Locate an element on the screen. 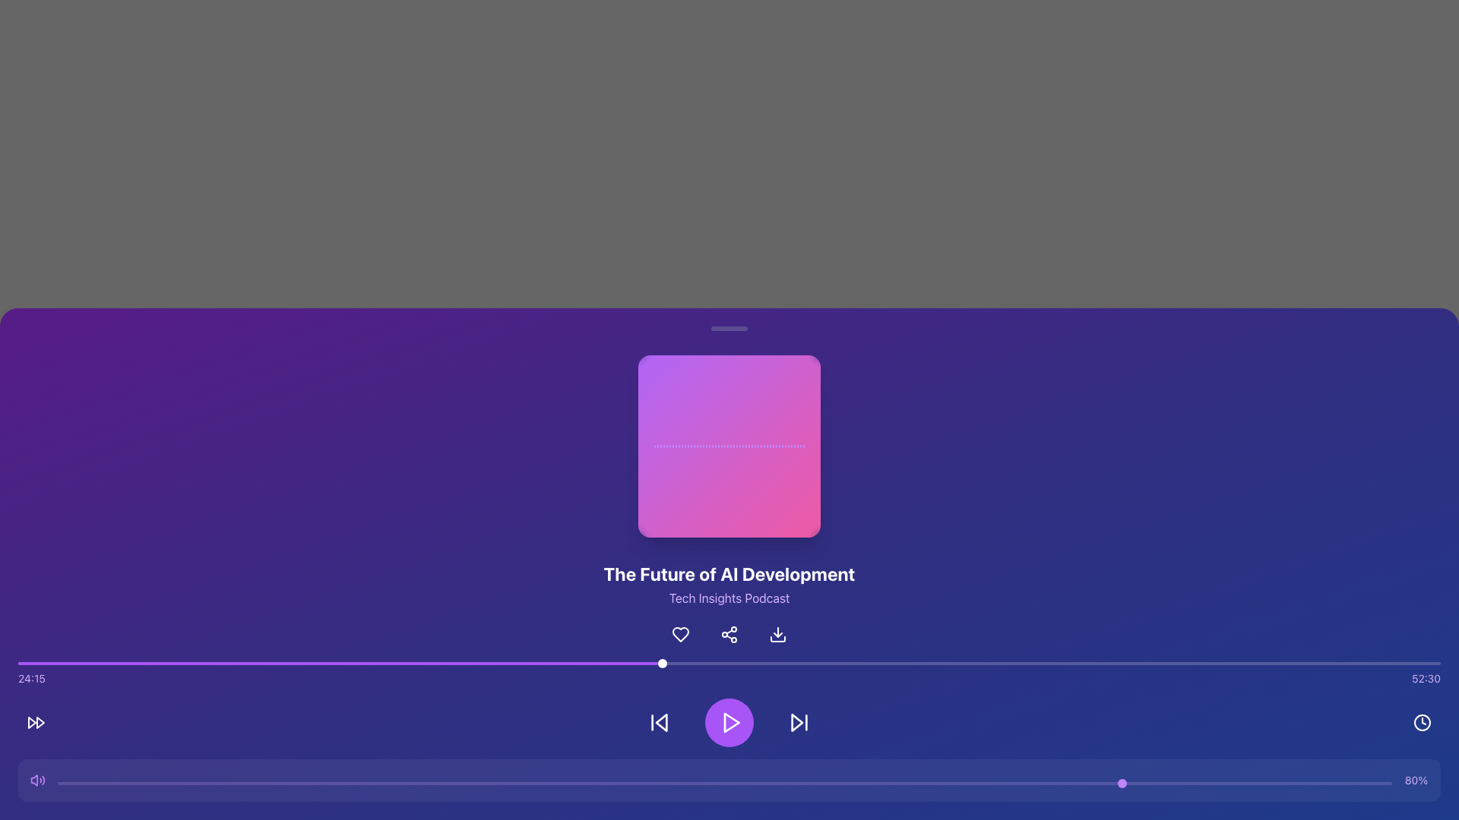  progress is located at coordinates (274, 663).